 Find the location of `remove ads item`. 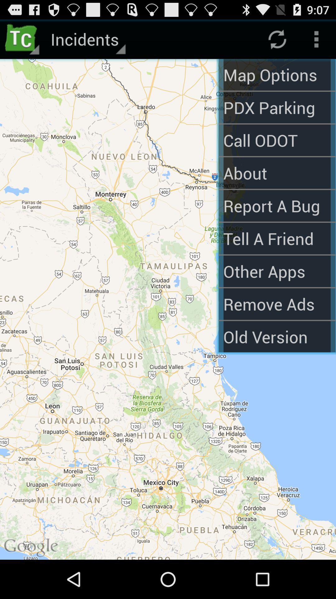

remove ads item is located at coordinates (277, 304).